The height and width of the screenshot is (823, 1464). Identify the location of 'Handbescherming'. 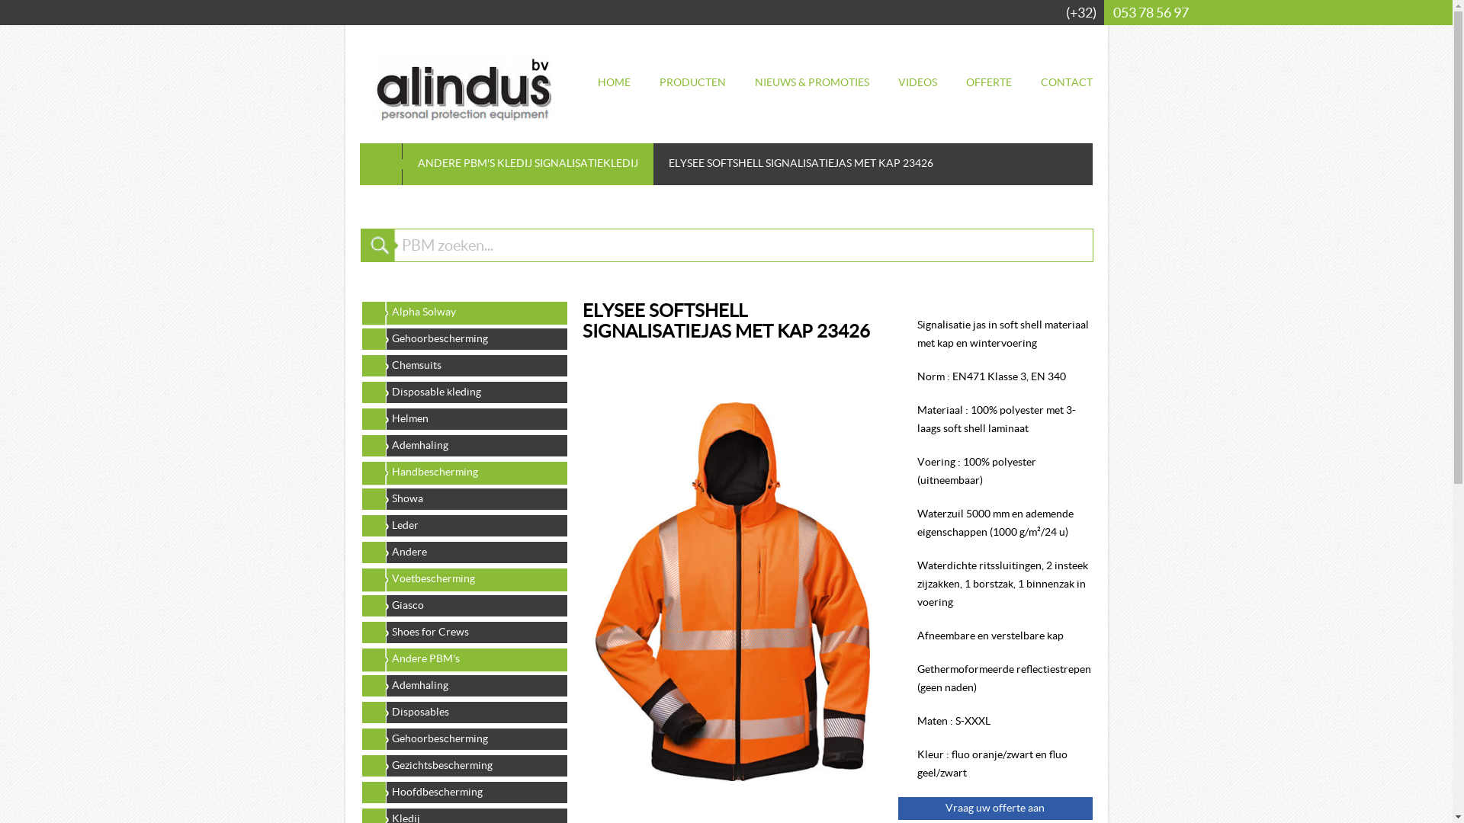
(462, 470).